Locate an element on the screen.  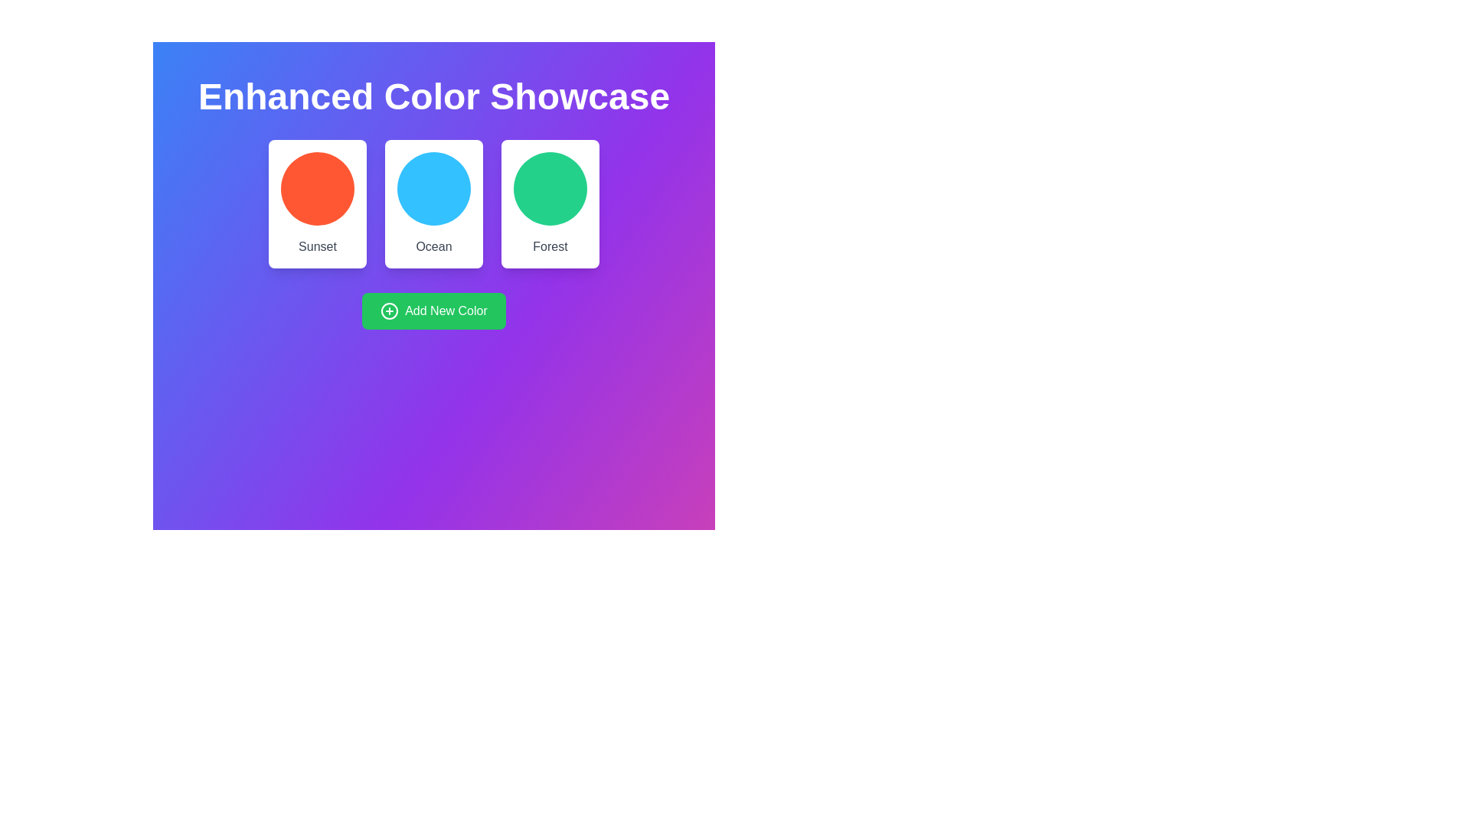
the text label displaying 'Sunset', which is positioned below a circular orange graphic within a white card is located at coordinates (316, 246).